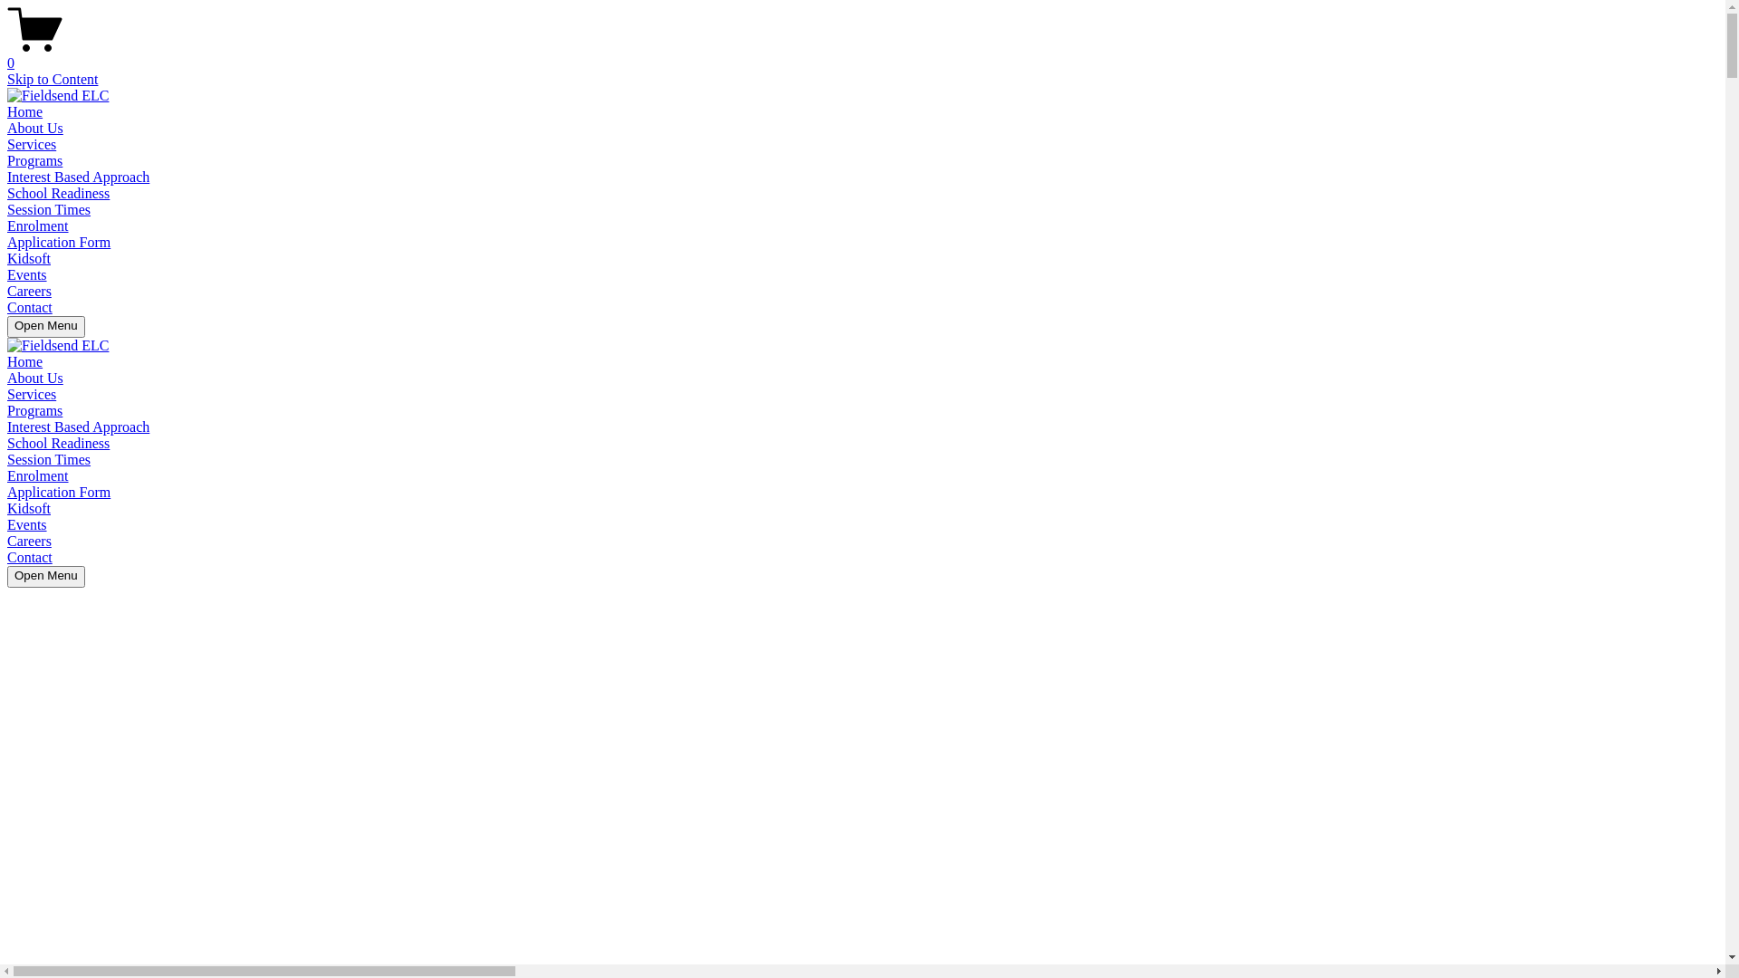 The image size is (1739, 978). What do you see at coordinates (24, 361) in the screenshot?
I see `'Home'` at bounding box center [24, 361].